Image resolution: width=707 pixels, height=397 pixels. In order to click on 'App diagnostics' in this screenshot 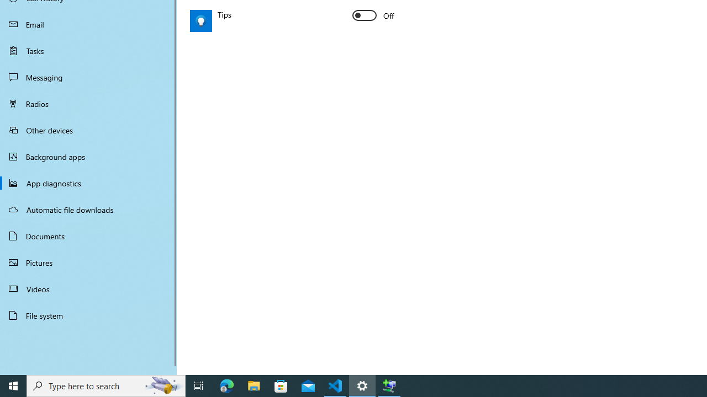, I will do `click(88, 182)`.